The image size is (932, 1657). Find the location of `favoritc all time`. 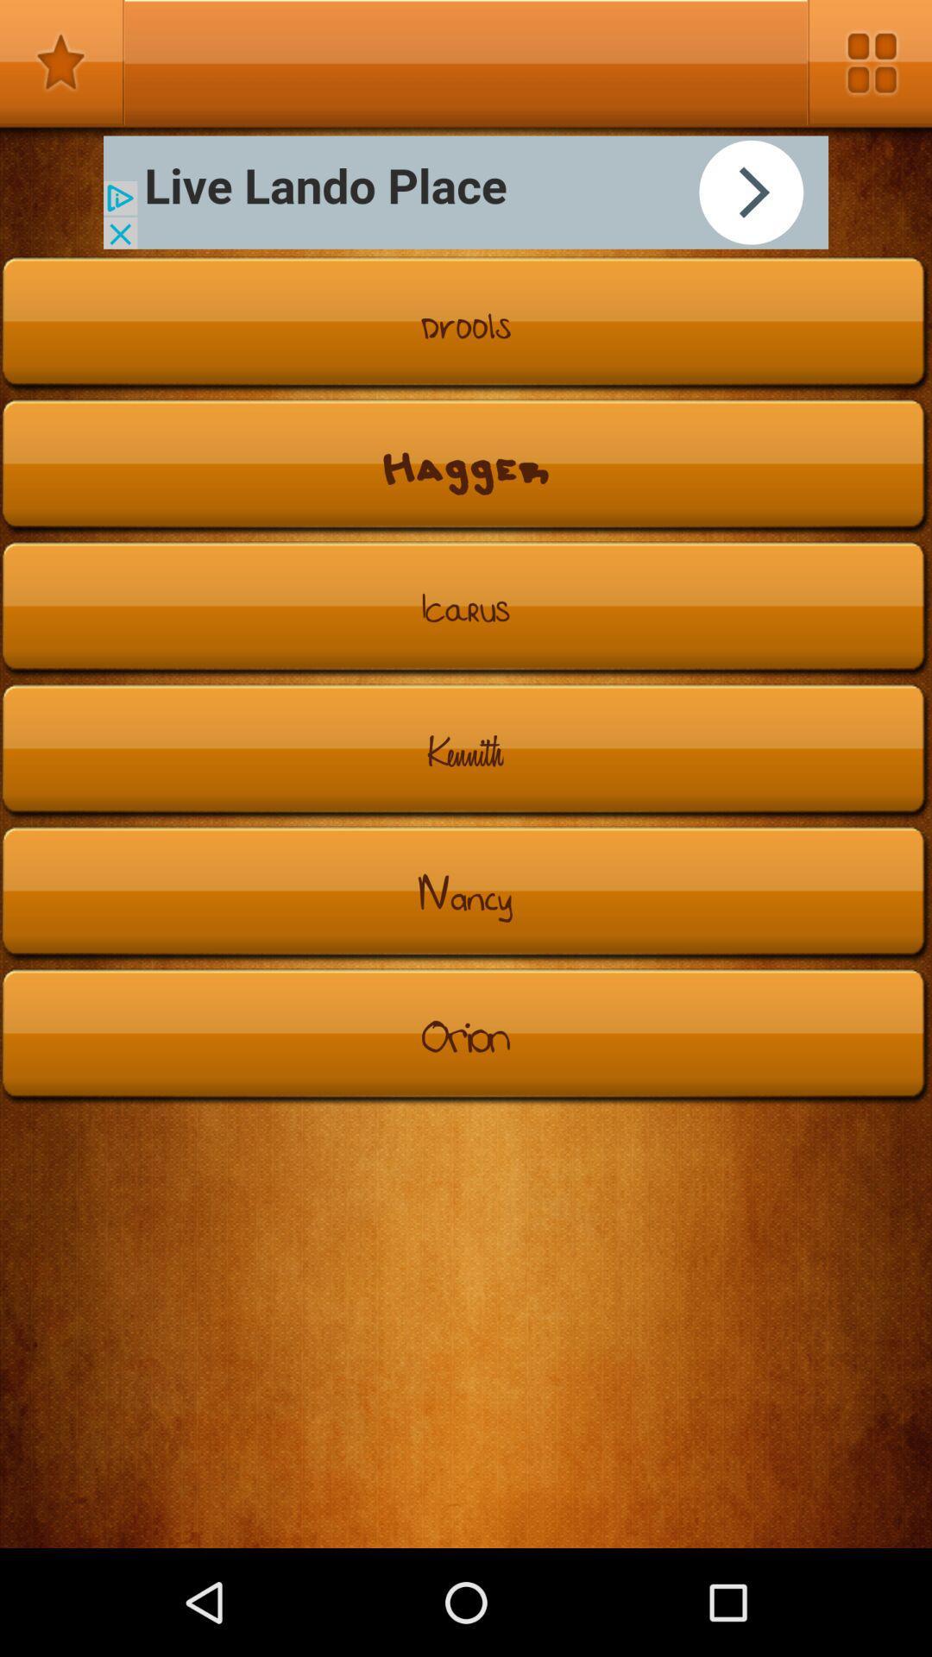

favoritc all time is located at coordinates (61, 62).